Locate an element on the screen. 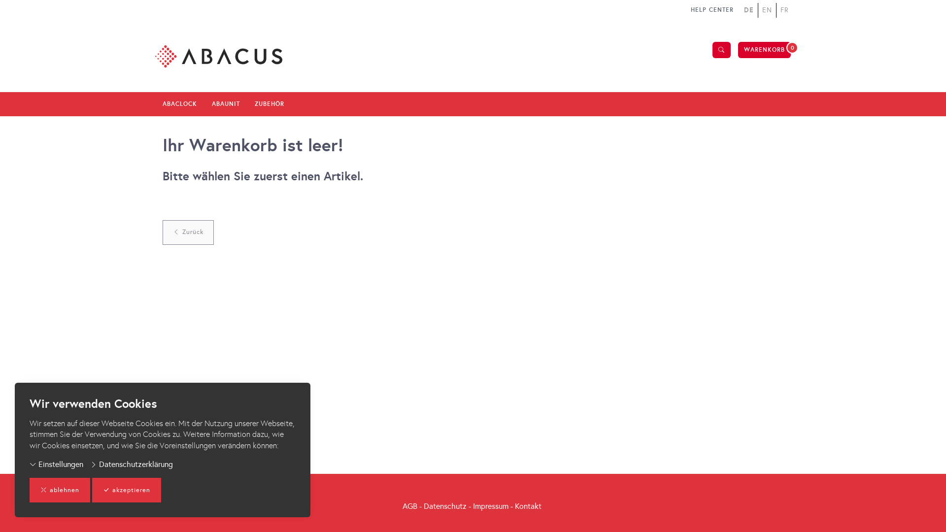  'AGB' is located at coordinates (409, 506).